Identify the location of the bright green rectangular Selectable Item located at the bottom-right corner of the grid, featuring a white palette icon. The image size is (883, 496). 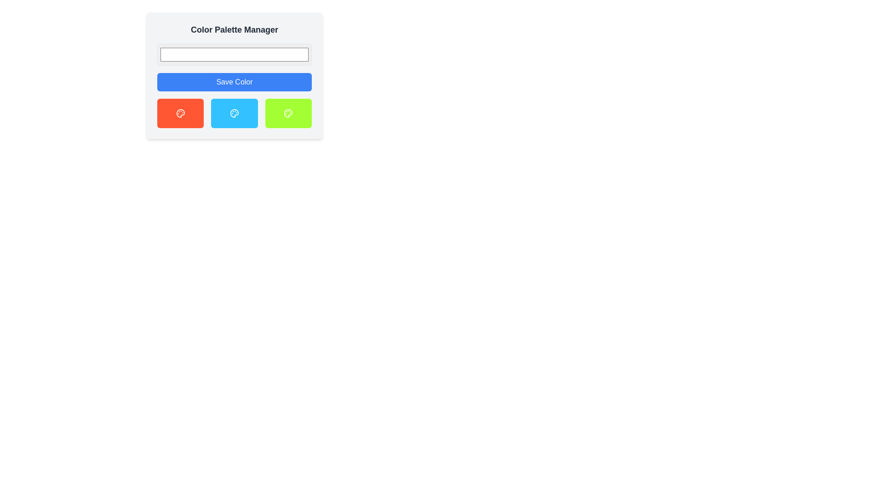
(288, 113).